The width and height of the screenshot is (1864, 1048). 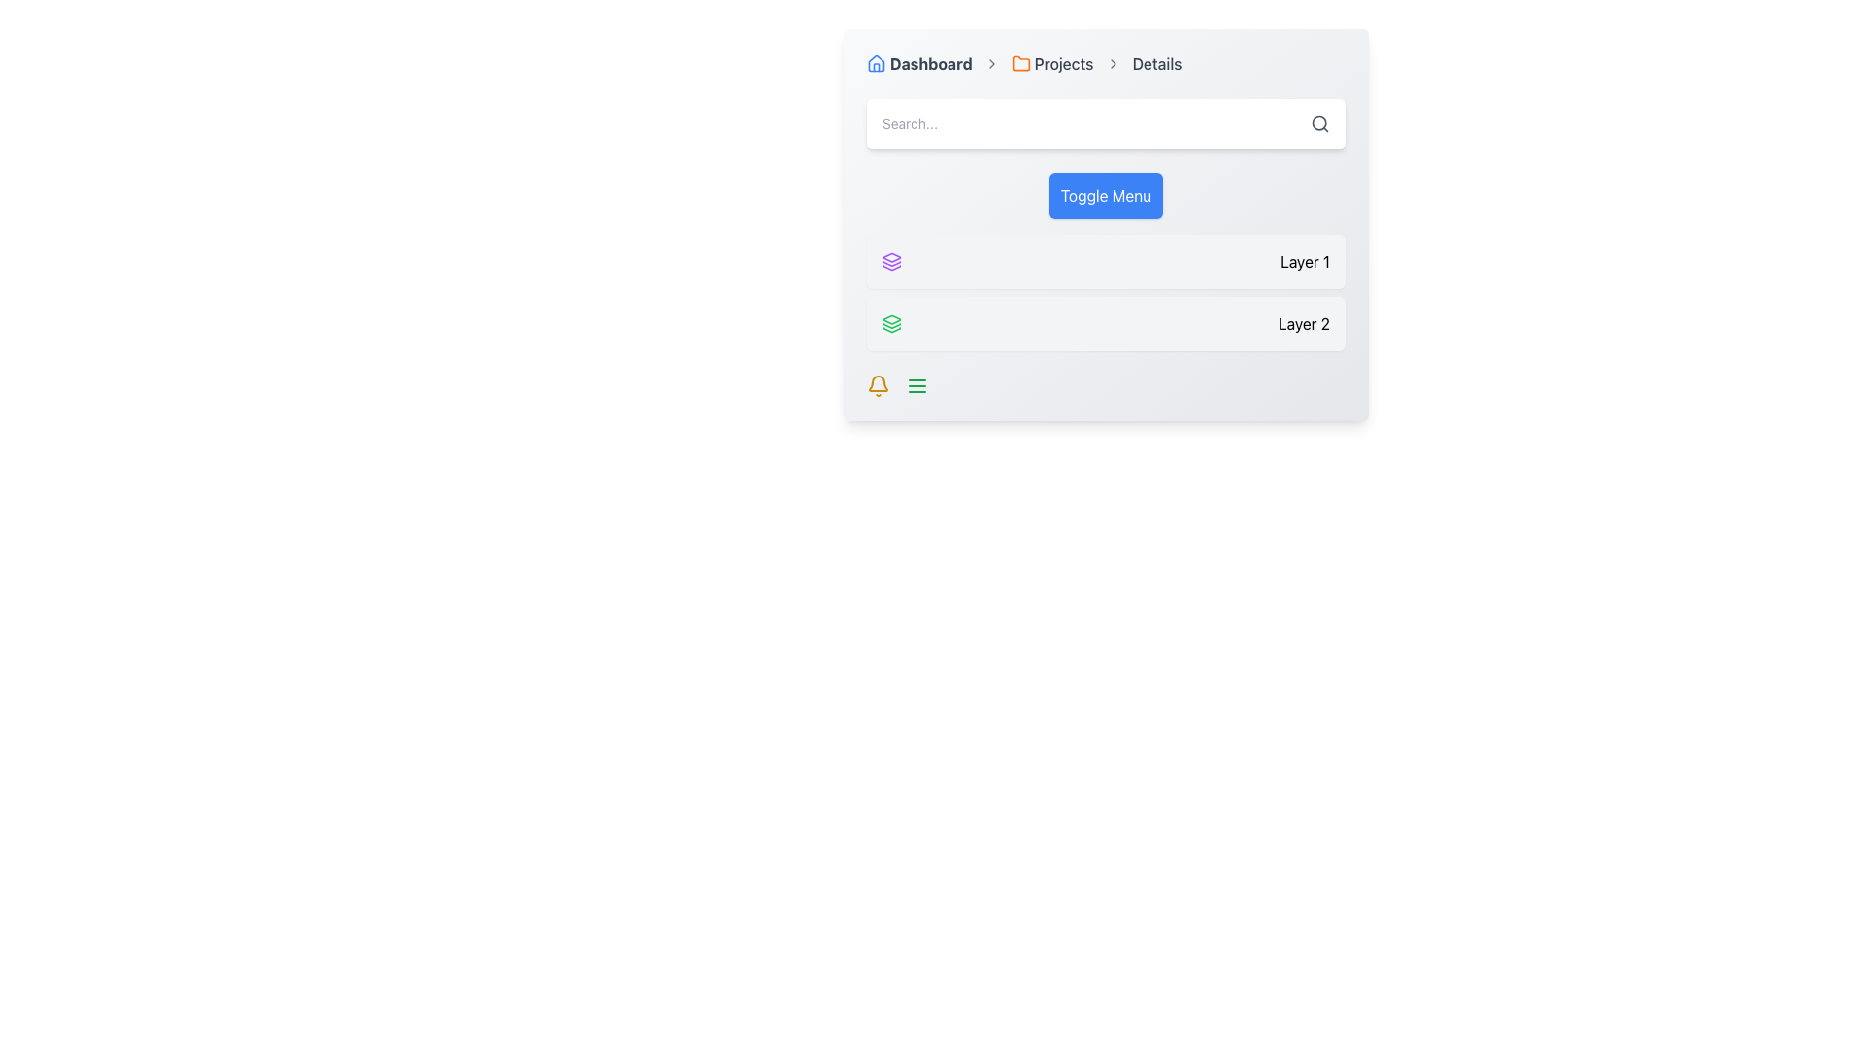 What do you see at coordinates (890, 329) in the screenshot?
I see `the third layer-like icon with a green and red appearance in the vertical menu section, located below the search bar` at bounding box center [890, 329].